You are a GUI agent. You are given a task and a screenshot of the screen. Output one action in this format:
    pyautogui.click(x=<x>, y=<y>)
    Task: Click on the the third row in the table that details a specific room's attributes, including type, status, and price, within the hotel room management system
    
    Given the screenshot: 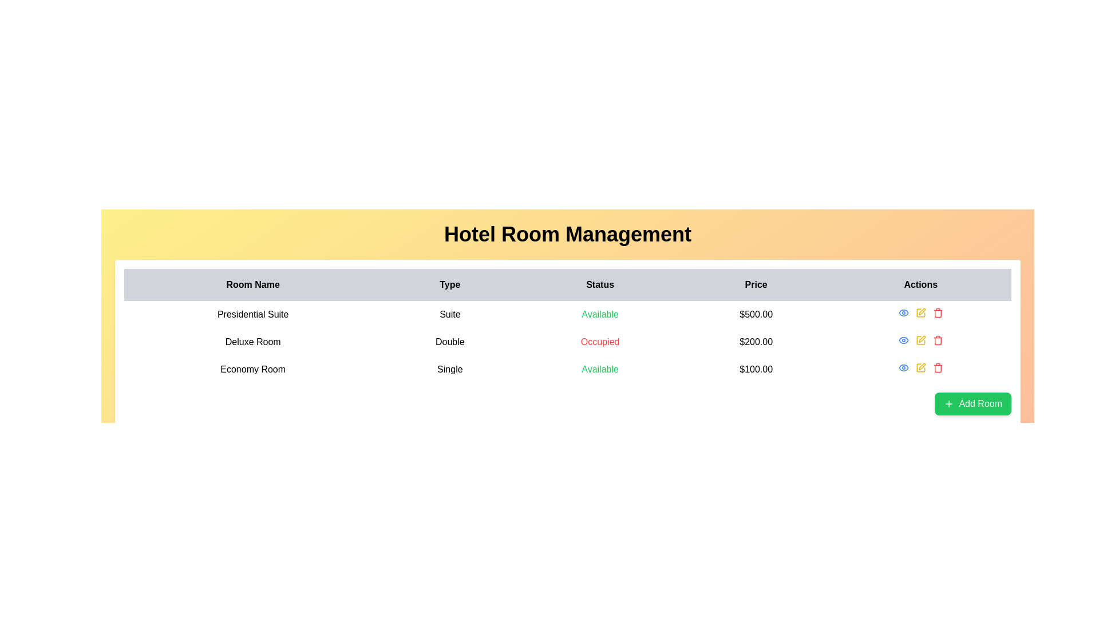 What is the action you would take?
    pyautogui.click(x=568, y=369)
    